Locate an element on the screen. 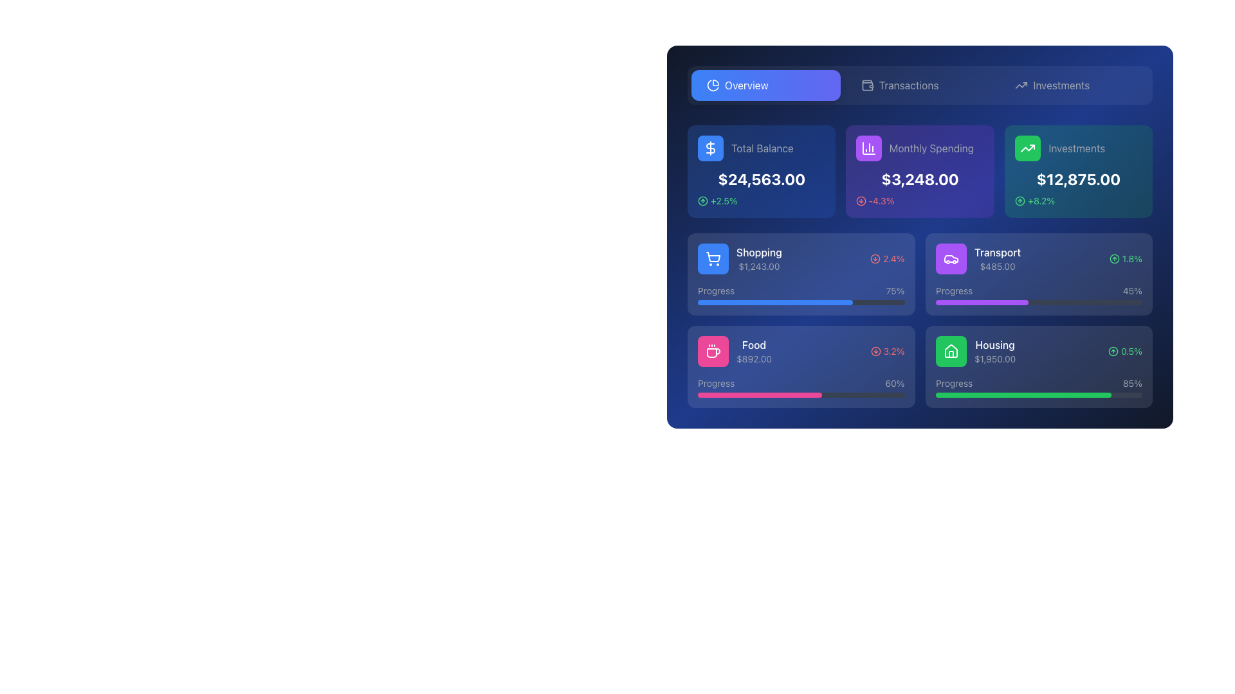 The image size is (1235, 694). the 'Progress' label in the 'Food' section of the dashboard, which is a small gray text label positioned above the progress bar and to the left of the numeric value '60% is located at coordinates (715, 383).